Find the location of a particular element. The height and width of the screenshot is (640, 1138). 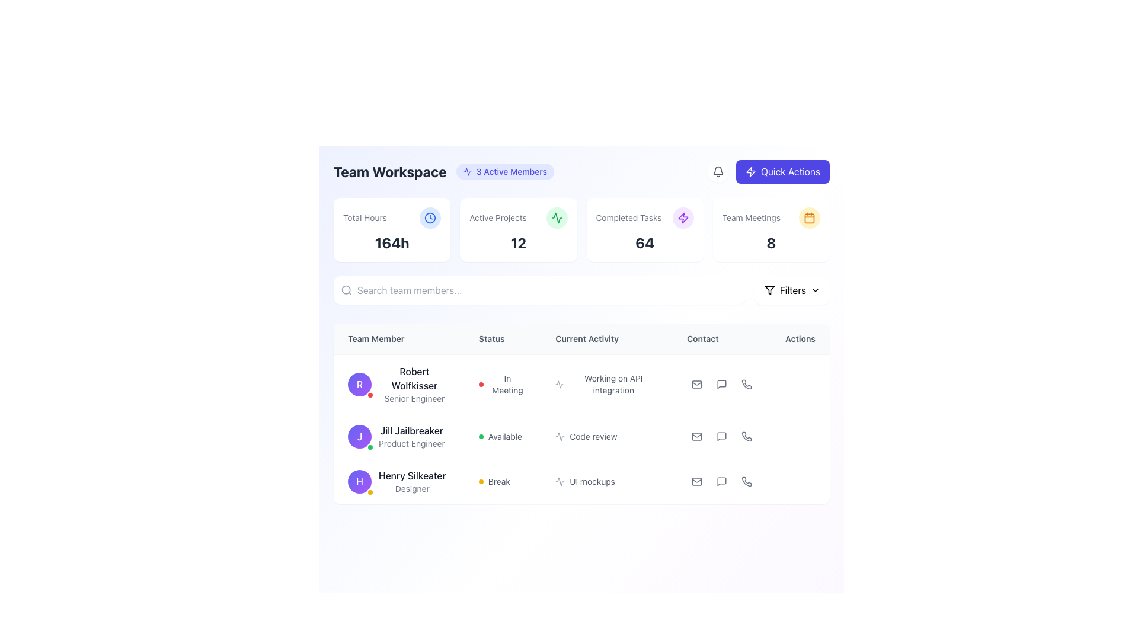

the comment icon, which is a small speech balloon styled with a gray outline, located in the 'Actions' column of the second row of the team member list is located at coordinates (721, 436).